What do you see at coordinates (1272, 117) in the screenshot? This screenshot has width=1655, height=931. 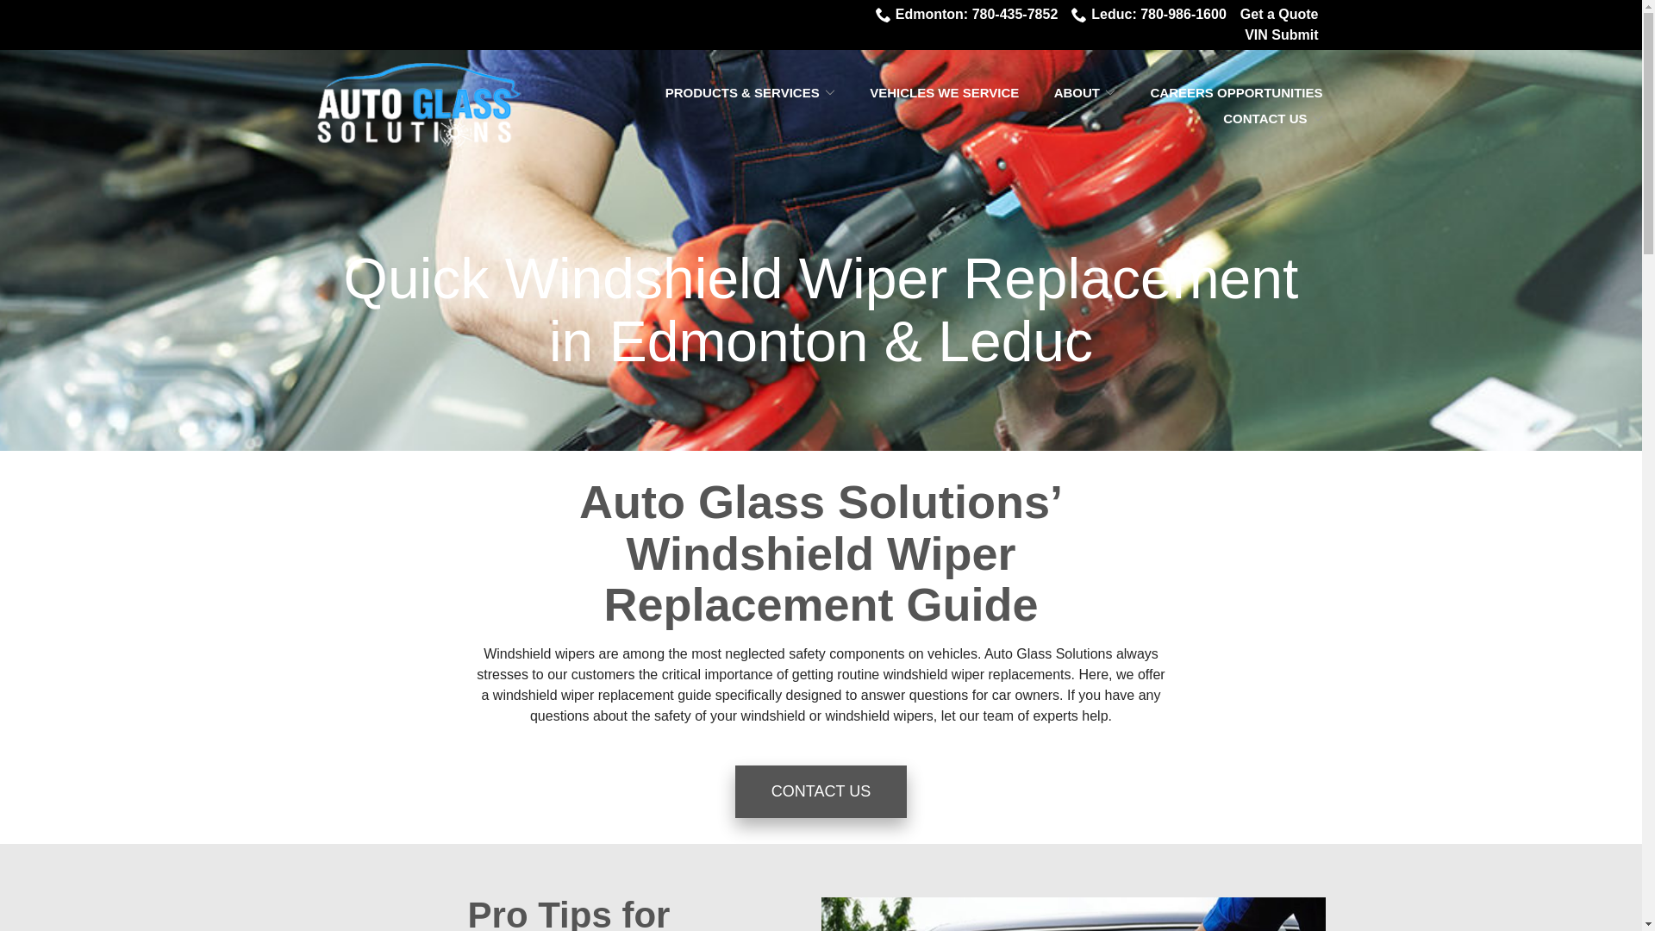 I see `'CONTACT US'` at bounding box center [1272, 117].